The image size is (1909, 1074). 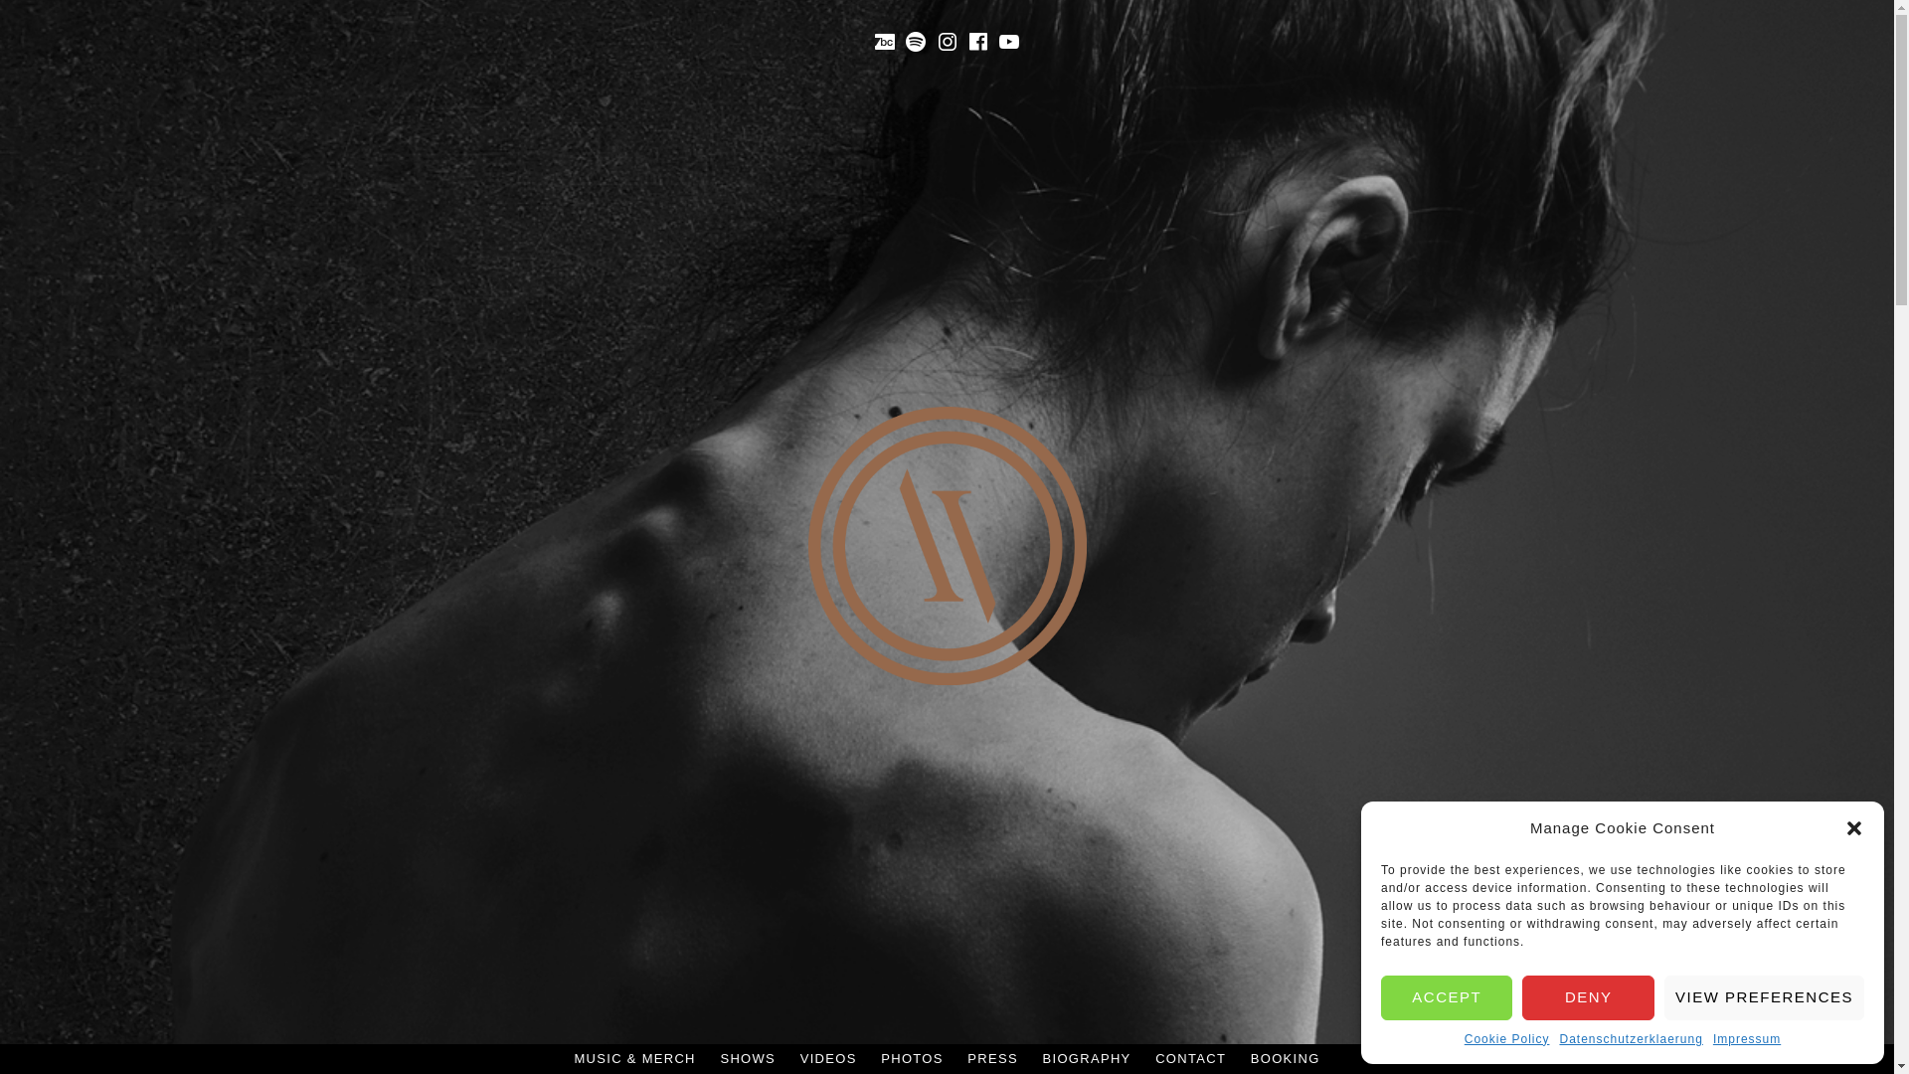 I want to click on 'DENY', so click(x=1521, y=996).